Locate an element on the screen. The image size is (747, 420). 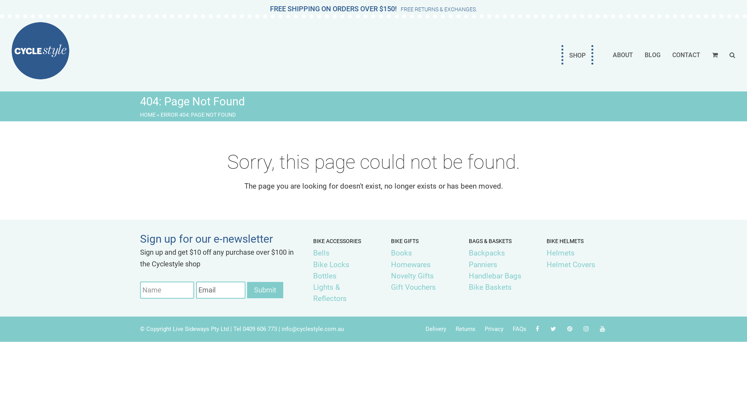
'CONTACT' is located at coordinates (686, 54).